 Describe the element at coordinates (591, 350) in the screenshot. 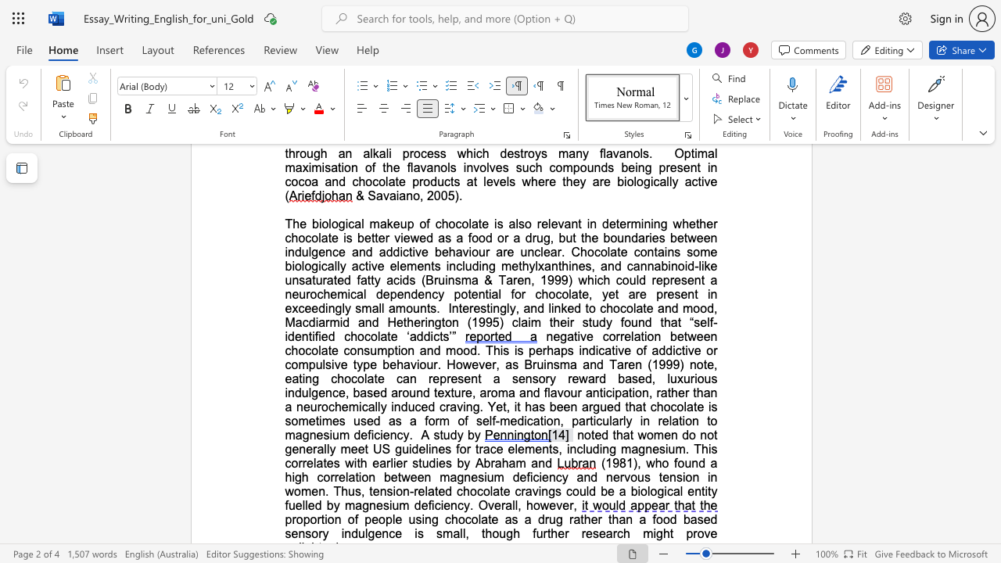

I see `the 1th character "d" in the text` at that location.